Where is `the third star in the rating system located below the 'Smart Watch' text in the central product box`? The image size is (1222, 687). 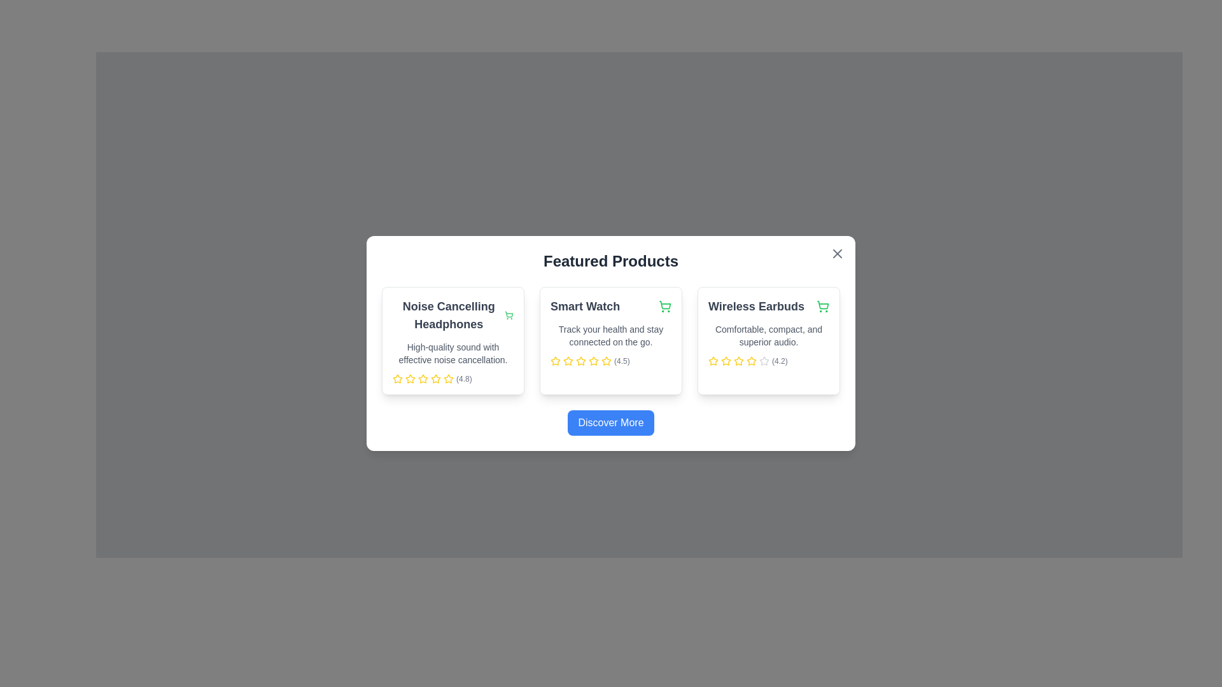 the third star in the rating system located below the 'Smart Watch' text in the central product box is located at coordinates (606, 361).